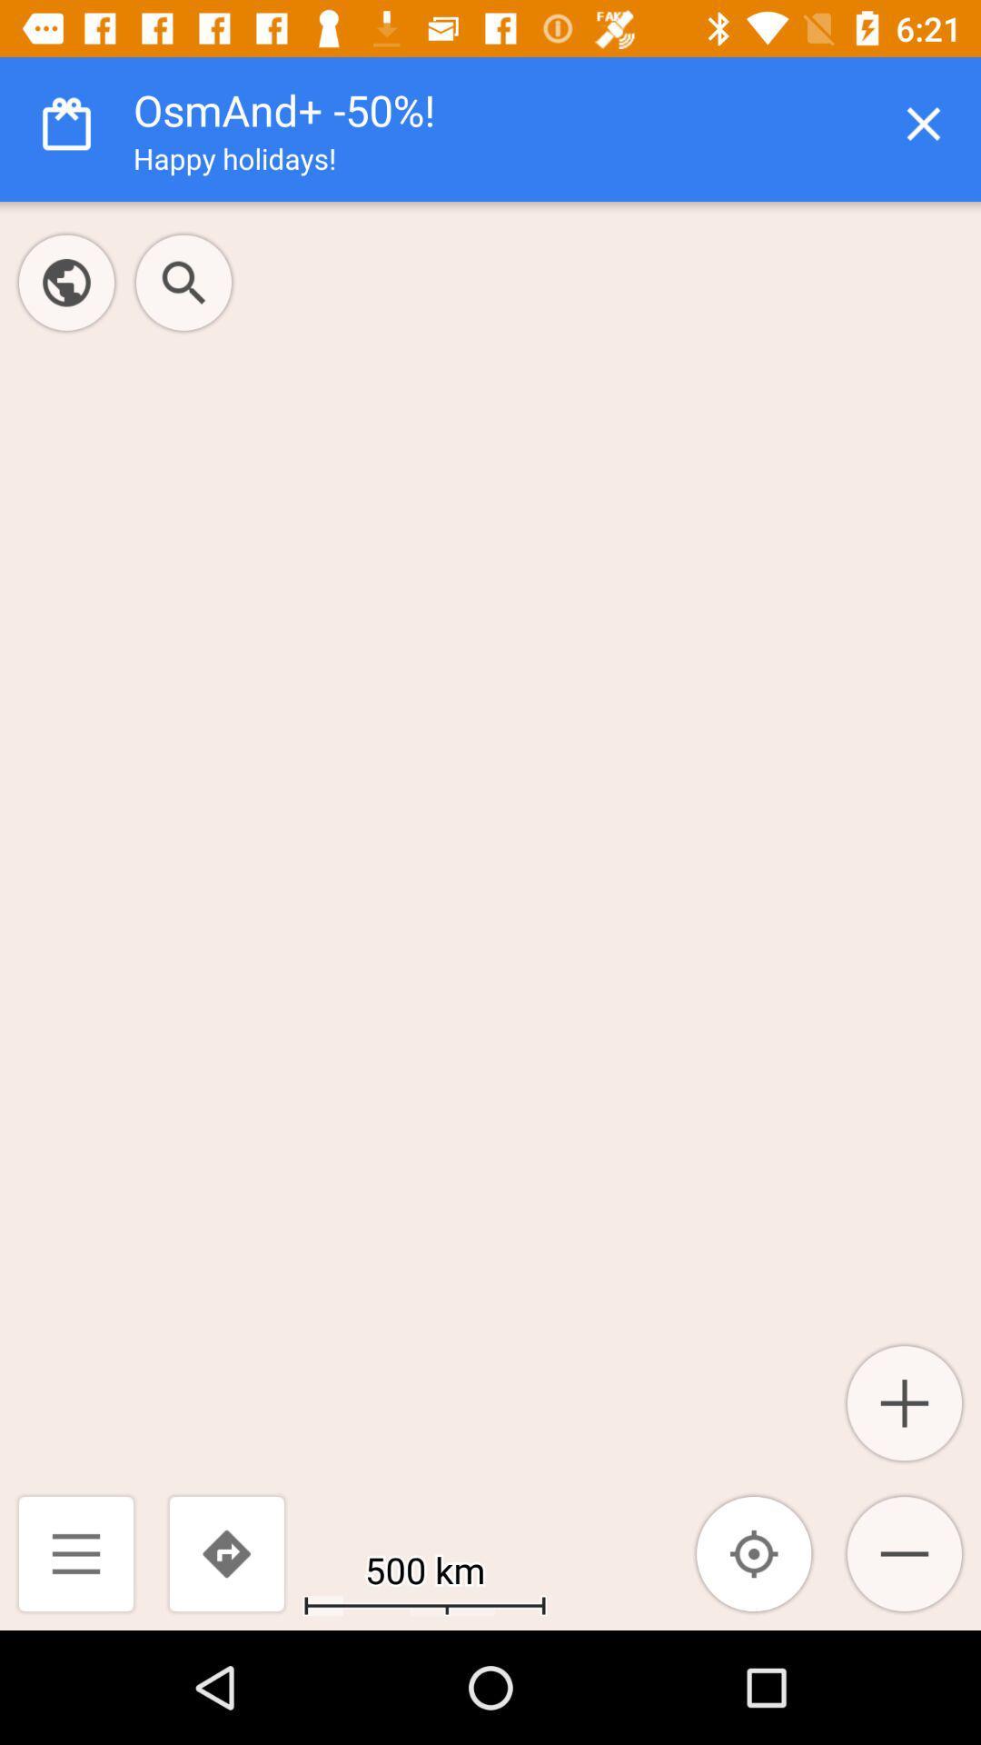  What do you see at coordinates (754, 1552) in the screenshot?
I see `item next to the 500 km` at bounding box center [754, 1552].